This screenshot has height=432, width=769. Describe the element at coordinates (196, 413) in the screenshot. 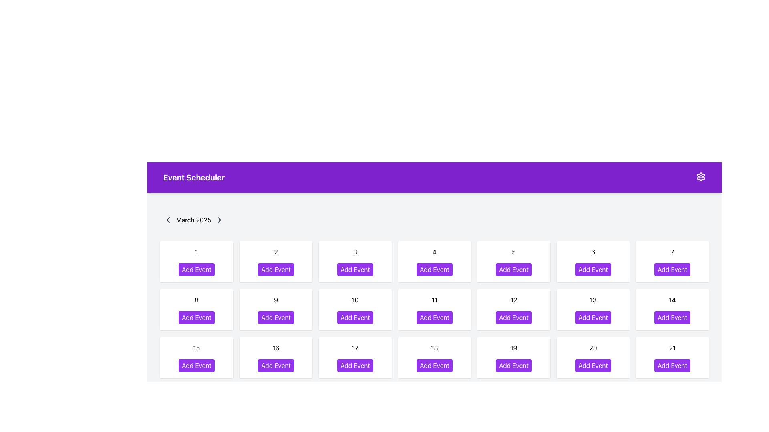

I see `the event addition button located in the bottom row of the calendar interface, specifically the first button in the fifth row to observe any hover effects` at that location.